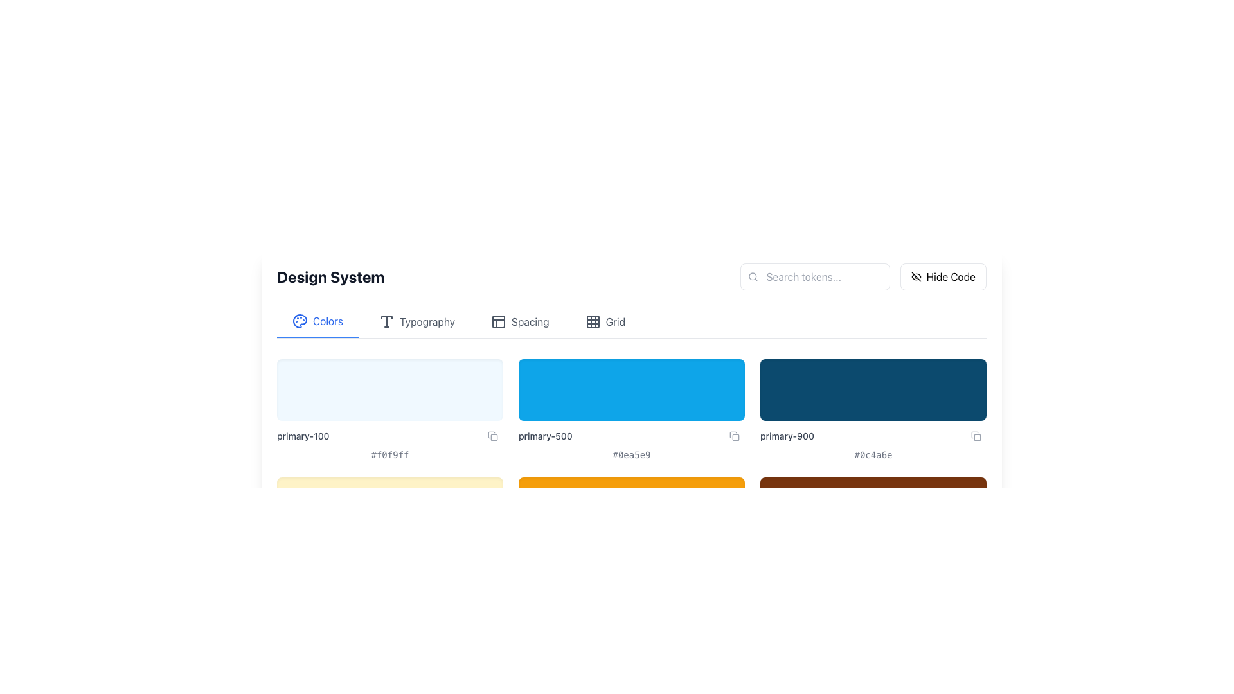  What do you see at coordinates (492, 435) in the screenshot?
I see `the small, square button with a gray background and an icon of two overlapping squares, located on the far right of the 'primary-100' row` at bounding box center [492, 435].